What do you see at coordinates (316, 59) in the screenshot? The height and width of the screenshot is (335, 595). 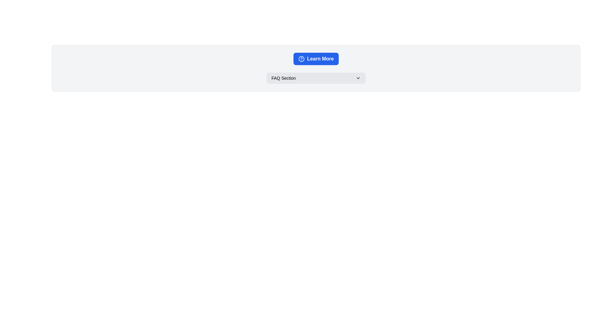 I see `the information button located above the 'FAQ Section' dropdown` at bounding box center [316, 59].